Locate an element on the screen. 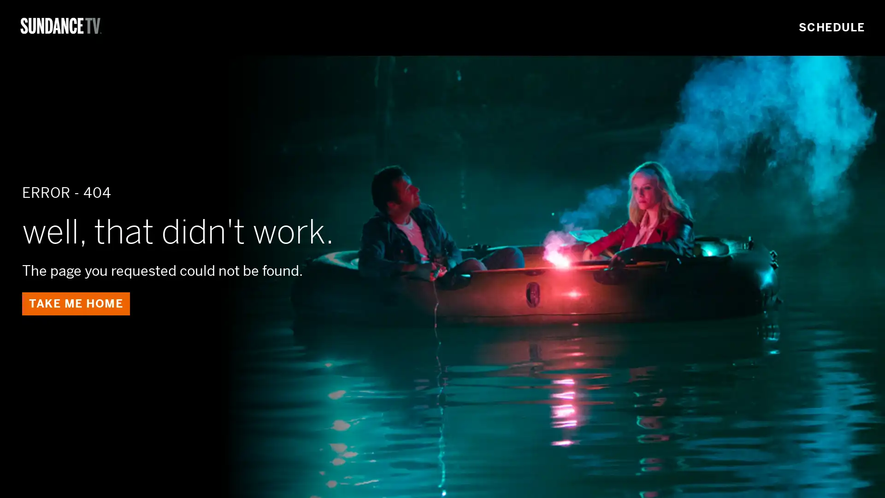  TAKE ME HOME is located at coordinates (76, 303).